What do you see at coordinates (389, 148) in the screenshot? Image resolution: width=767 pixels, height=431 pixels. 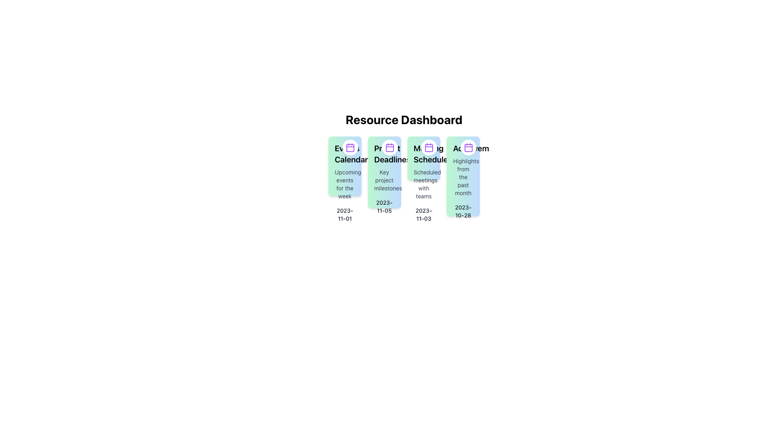 I see `the calendar icon in the 'Project Deadline' card` at bounding box center [389, 148].